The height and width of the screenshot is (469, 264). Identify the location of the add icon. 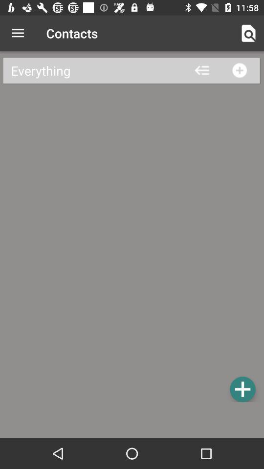
(242, 389).